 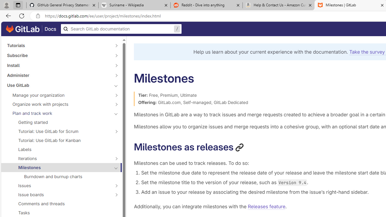 I want to click on 'Suriname - Wikipedia', so click(x=134, y=5).